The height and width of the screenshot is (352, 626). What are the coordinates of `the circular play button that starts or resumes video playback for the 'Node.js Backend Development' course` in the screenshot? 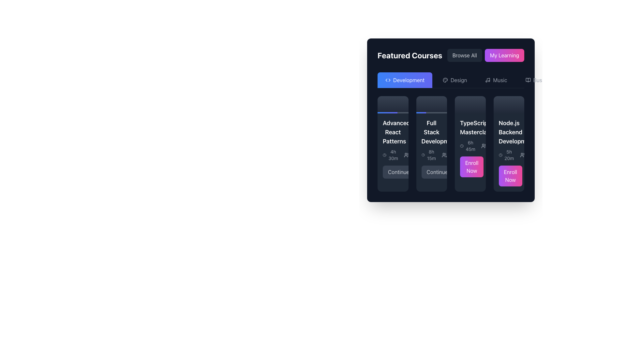 It's located at (508, 104).